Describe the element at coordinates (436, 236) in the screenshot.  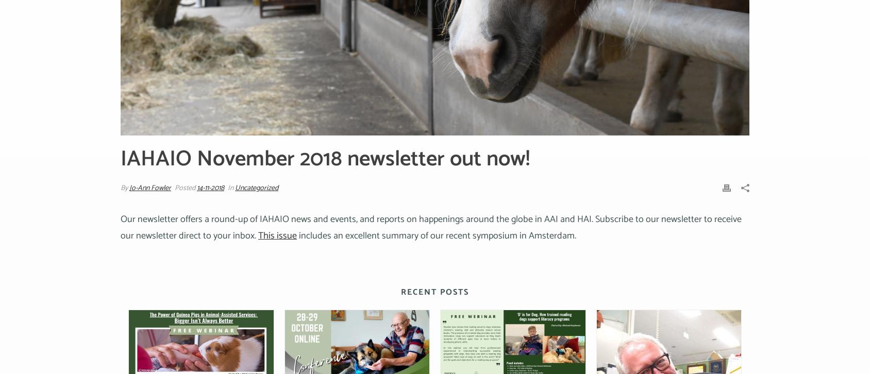
I see `'includes an excellent summary of our recent symposium in Amsterdam.'` at that location.